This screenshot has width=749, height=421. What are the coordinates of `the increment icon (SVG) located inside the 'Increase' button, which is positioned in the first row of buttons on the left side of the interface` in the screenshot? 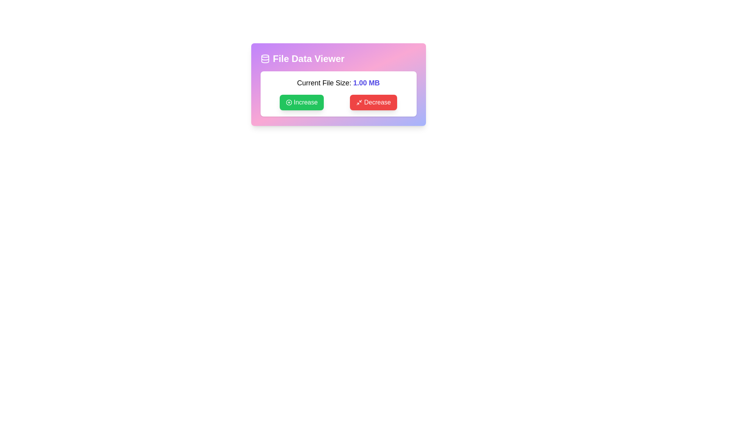 It's located at (289, 102).